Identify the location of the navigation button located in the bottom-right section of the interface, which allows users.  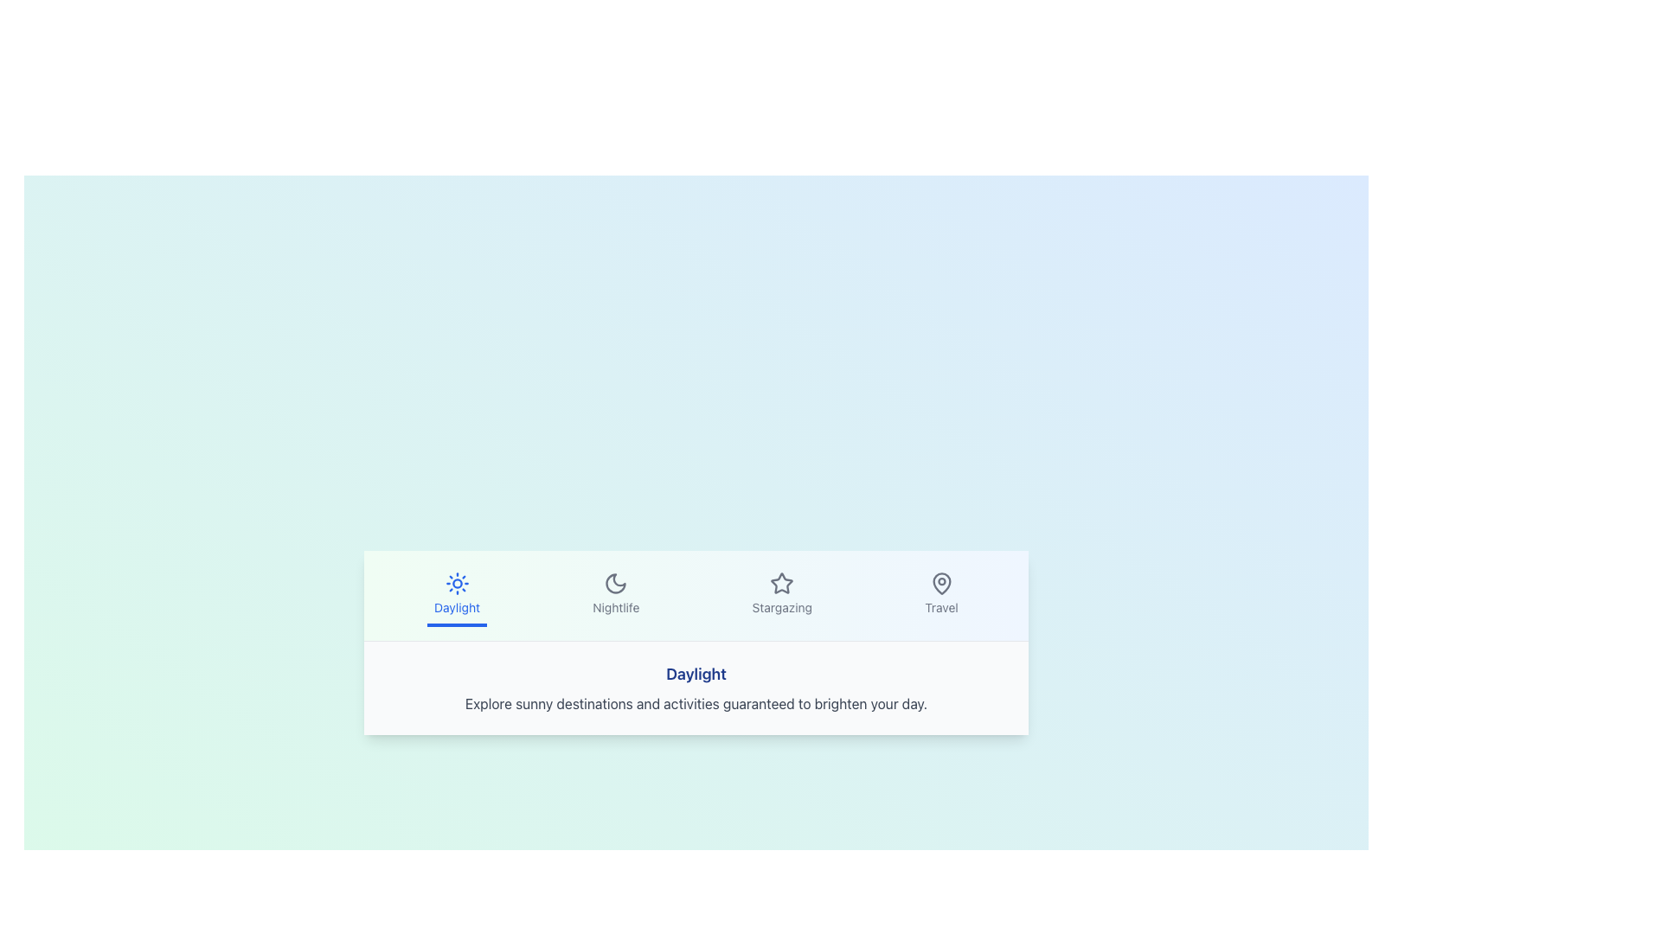
(940, 594).